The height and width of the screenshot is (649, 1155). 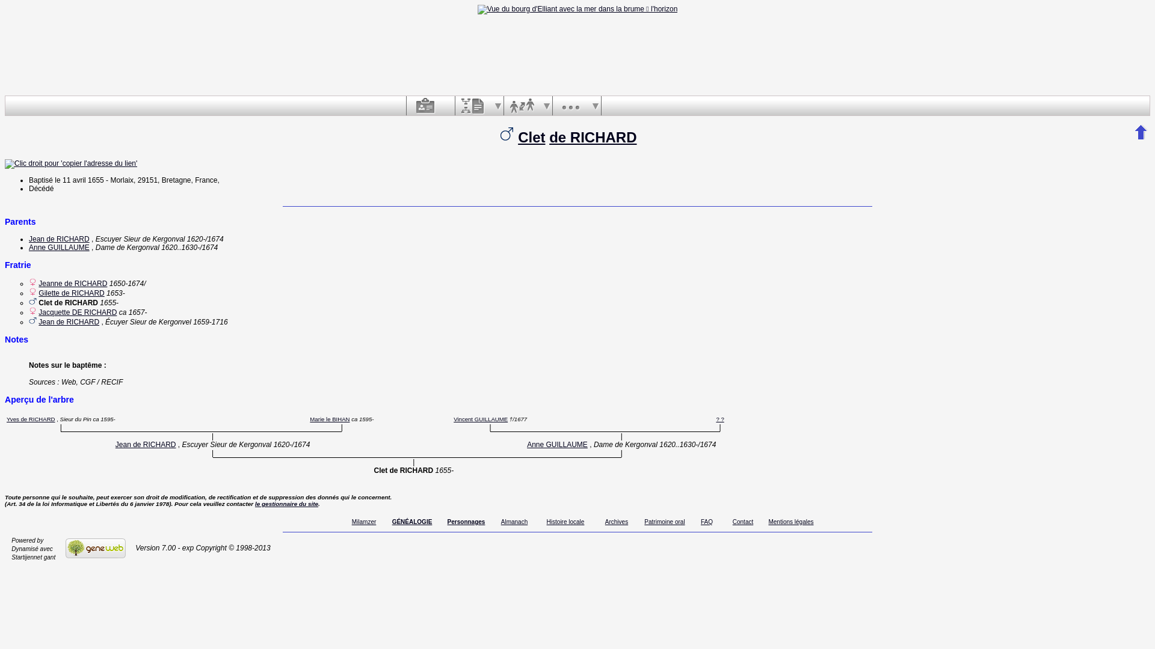 What do you see at coordinates (286, 504) in the screenshot?
I see `'le gestionnaire du site'` at bounding box center [286, 504].